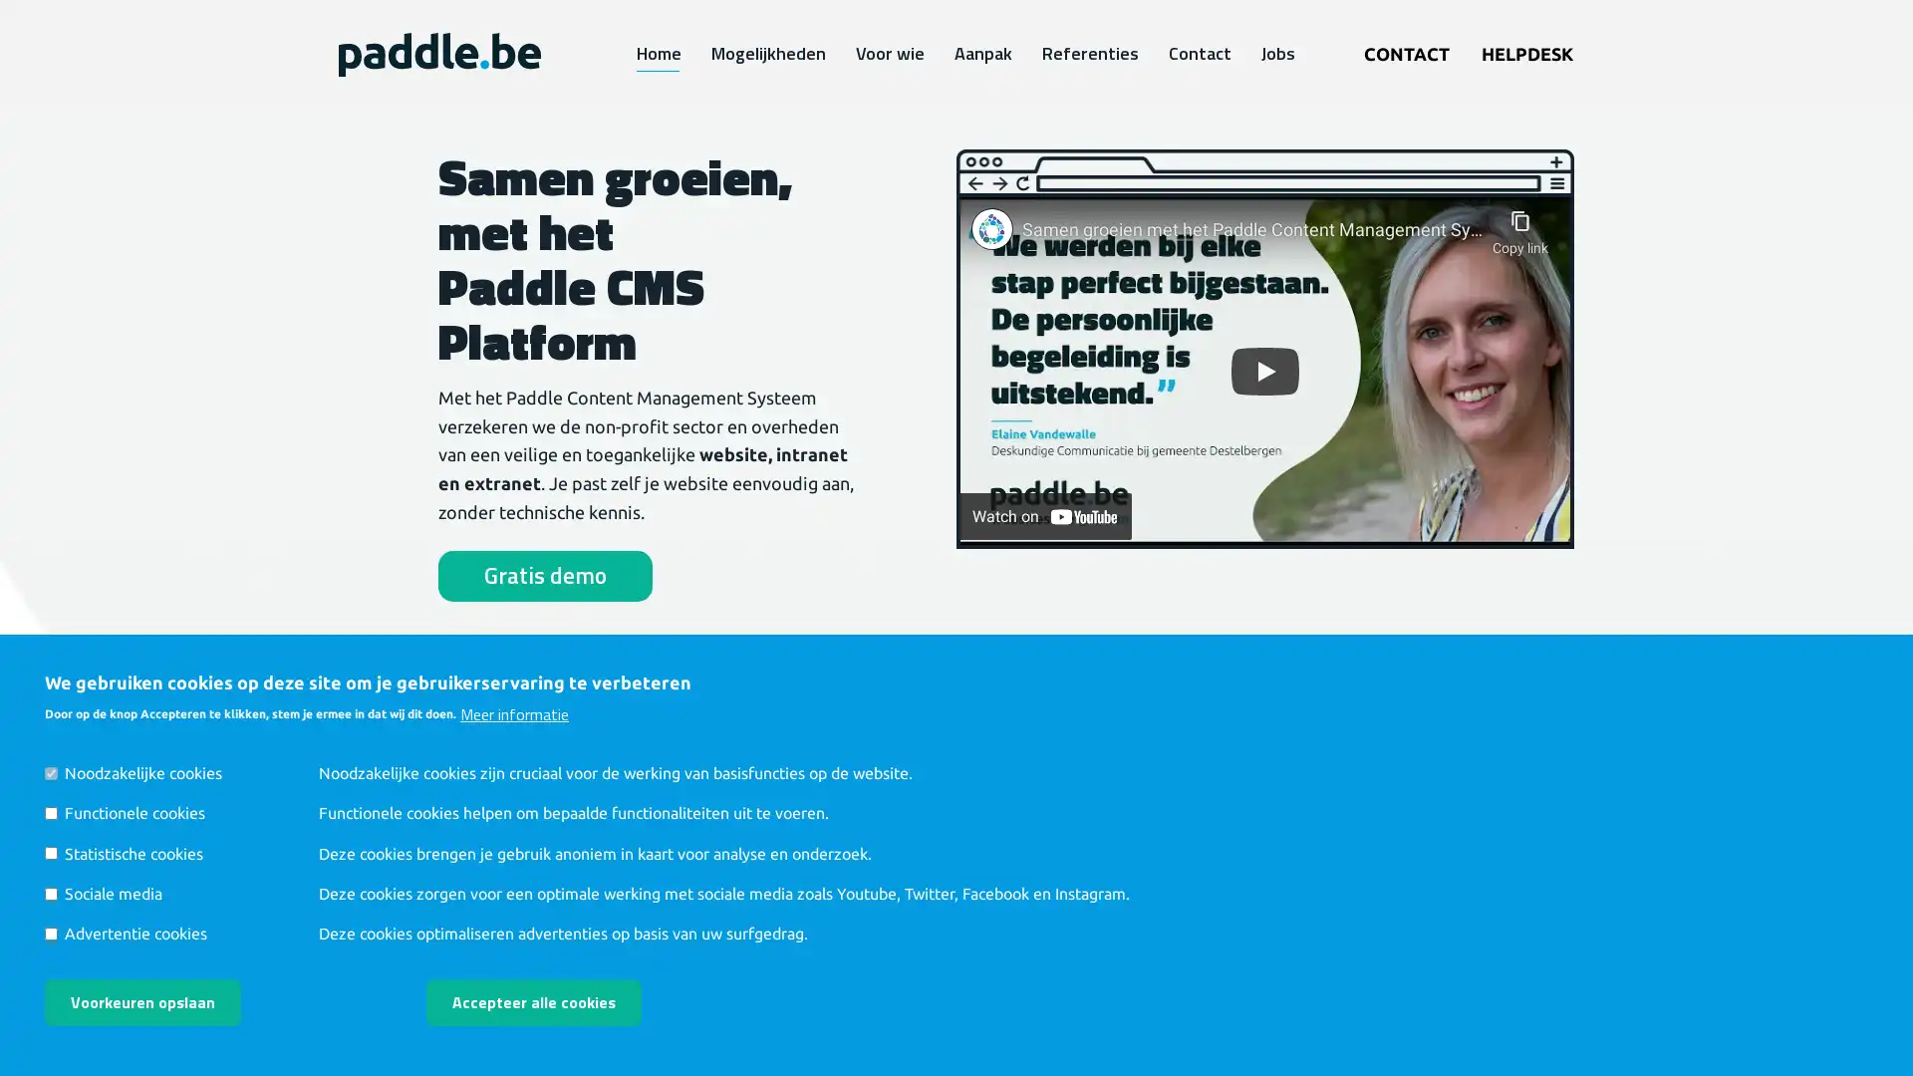  What do you see at coordinates (514, 712) in the screenshot?
I see `Meer informatie` at bounding box center [514, 712].